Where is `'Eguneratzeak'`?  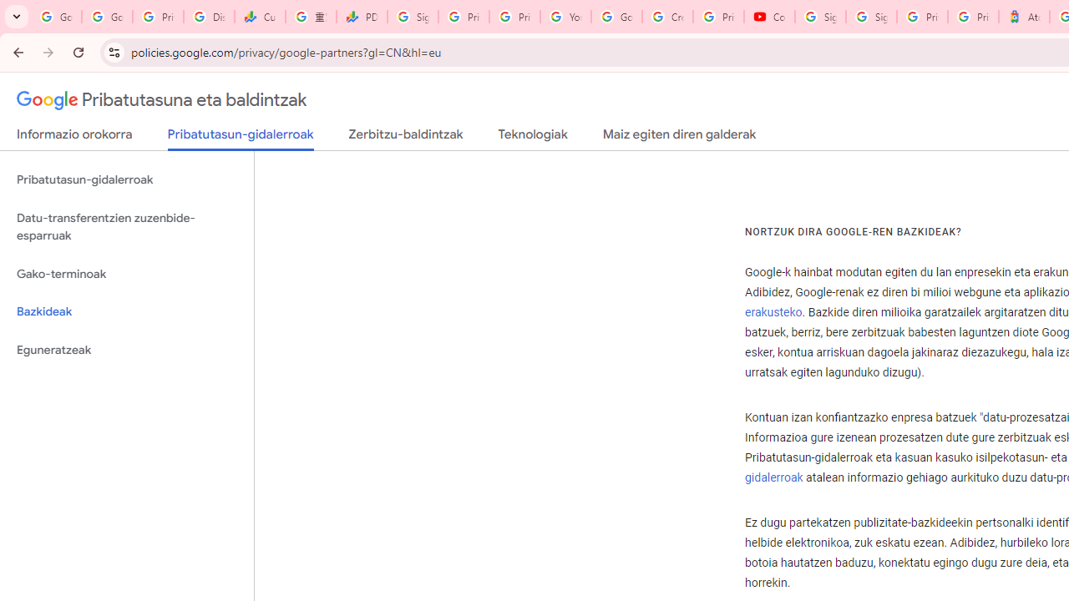 'Eguneratzeak' is located at coordinates (126, 349).